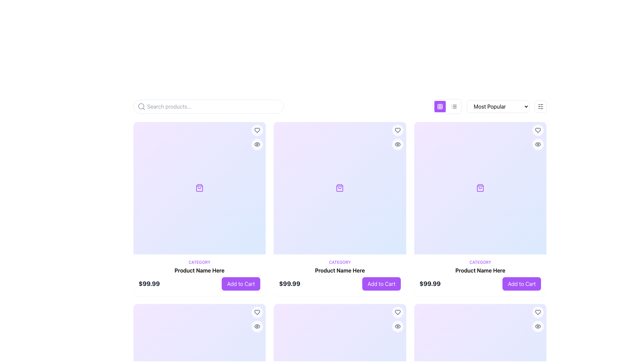  I want to click on the heart-shaped icon in the upper-right corner of the product card in the second column to mark it as a favorite, so click(538, 312).